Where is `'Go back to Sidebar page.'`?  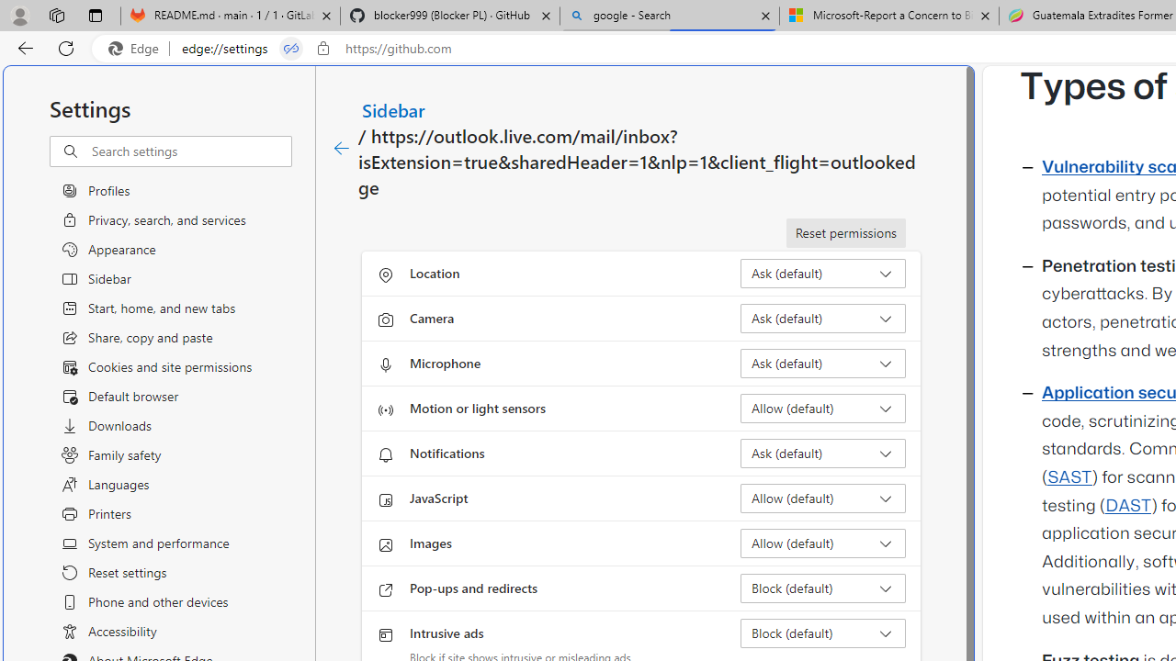
'Go back to Sidebar page.' is located at coordinates (342, 148).